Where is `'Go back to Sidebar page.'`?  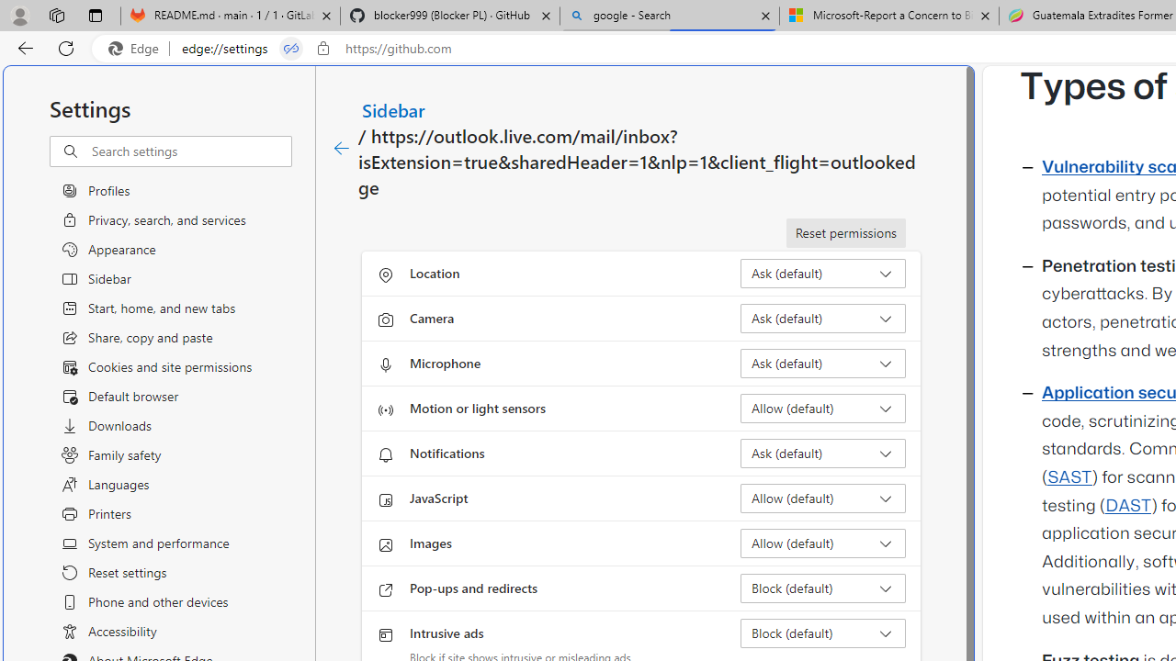
'Go back to Sidebar page.' is located at coordinates (342, 148).